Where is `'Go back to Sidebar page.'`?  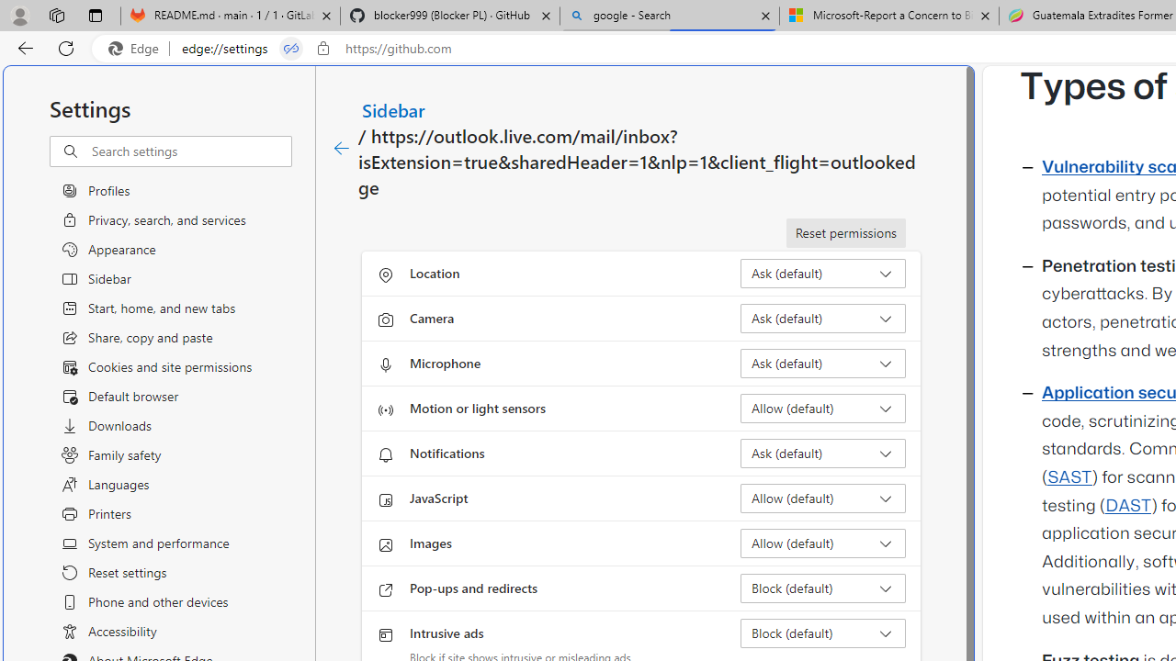
'Go back to Sidebar page.' is located at coordinates (342, 148).